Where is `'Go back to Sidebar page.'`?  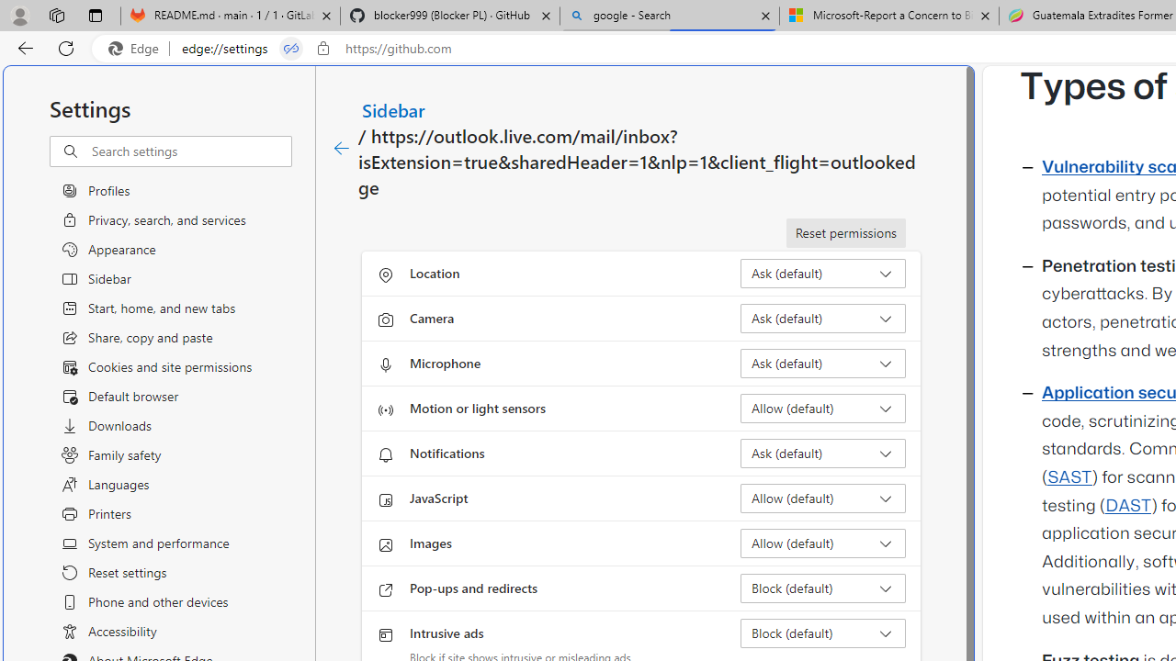
'Go back to Sidebar page.' is located at coordinates (342, 148).